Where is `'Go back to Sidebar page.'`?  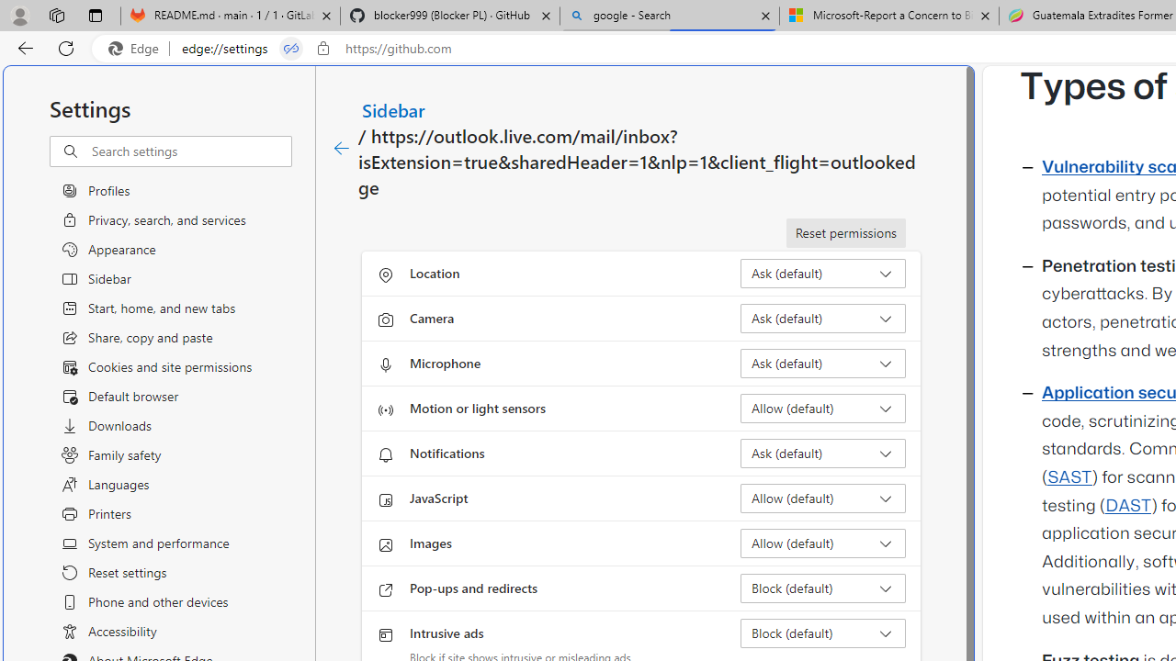
'Go back to Sidebar page.' is located at coordinates (342, 148).